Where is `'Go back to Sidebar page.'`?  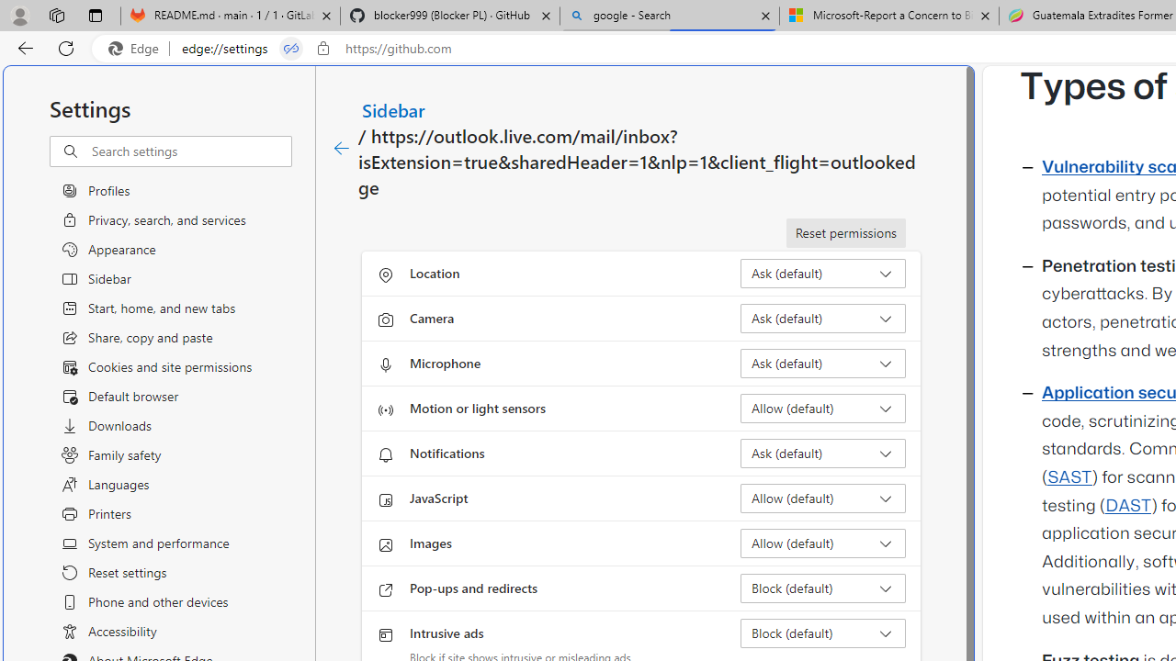
'Go back to Sidebar page.' is located at coordinates (342, 148).